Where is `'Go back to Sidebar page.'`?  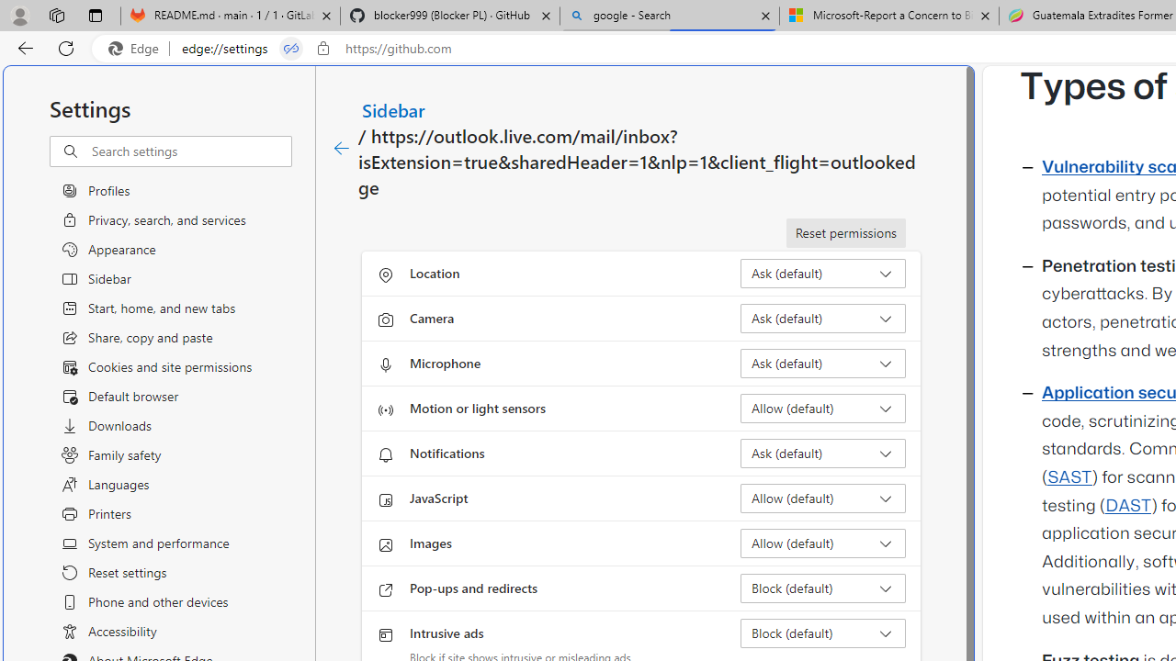
'Go back to Sidebar page.' is located at coordinates (342, 148).